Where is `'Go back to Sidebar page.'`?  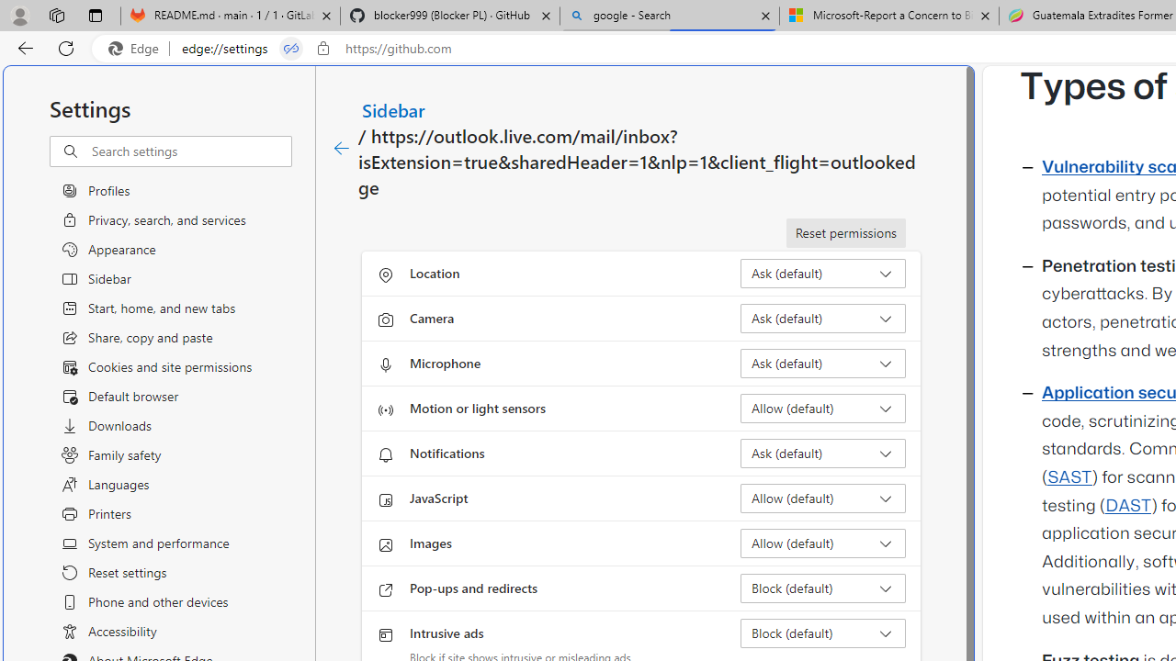
'Go back to Sidebar page.' is located at coordinates (342, 148).